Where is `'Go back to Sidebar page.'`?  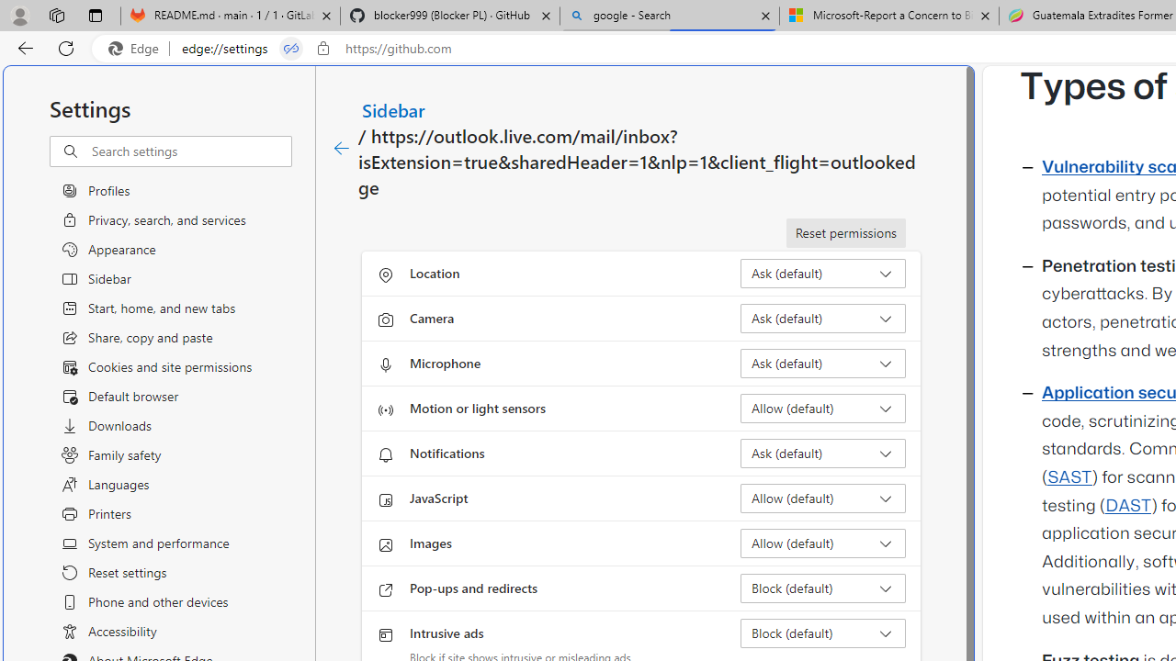
'Go back to Sidebar page.' is located at coordinates (342, 148).